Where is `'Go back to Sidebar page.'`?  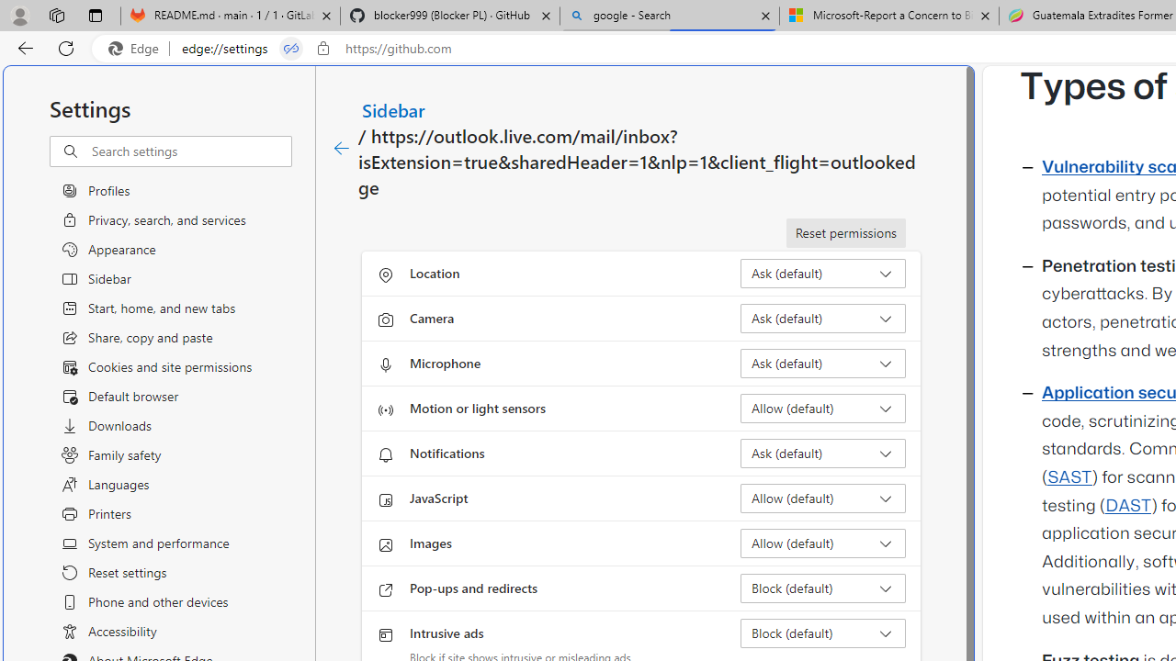
'Go back to Sidebar page.' is located at coordinates (342, 148).